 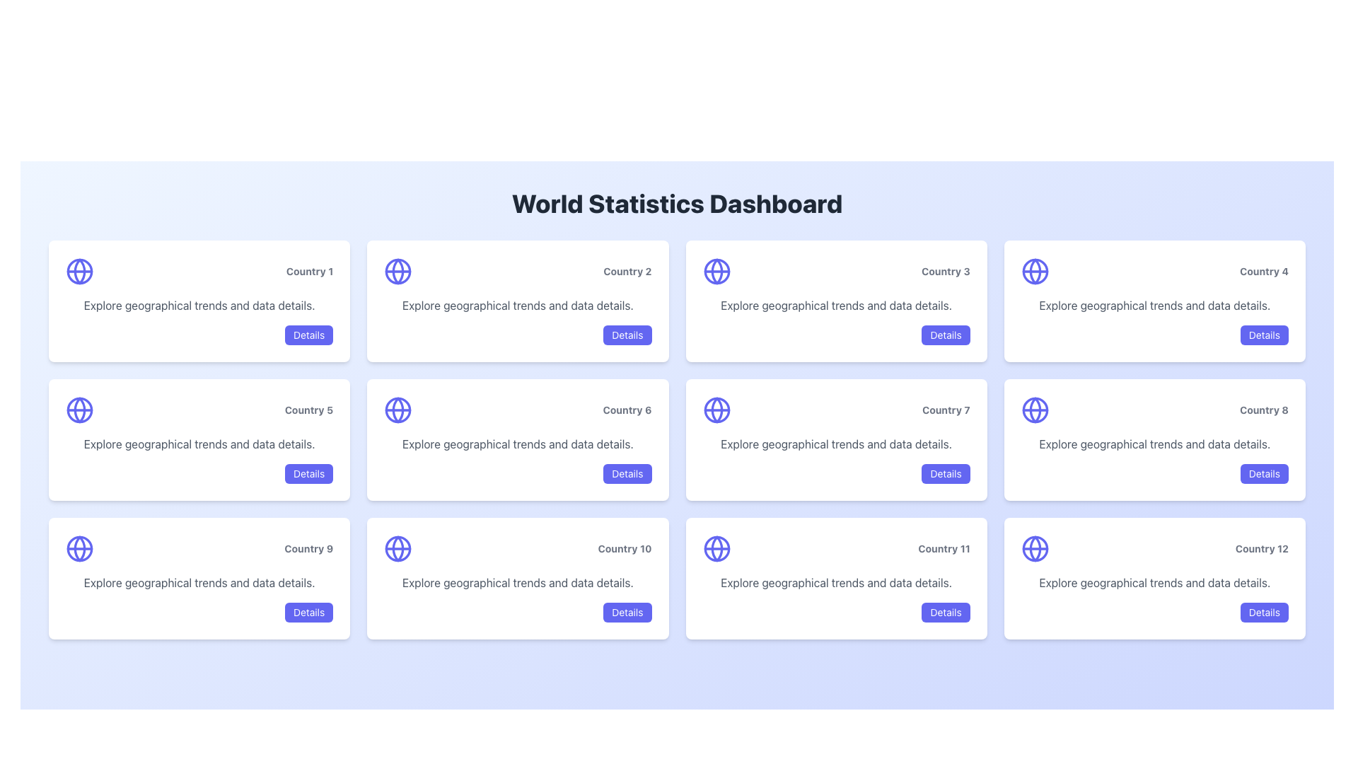 I want to click on the Static Text element that provides a description for the card located in the third card of a 4x3 grid layout, positioned below the title 'Country 3' and above the 'Details' button, so click(x=836, y=305).